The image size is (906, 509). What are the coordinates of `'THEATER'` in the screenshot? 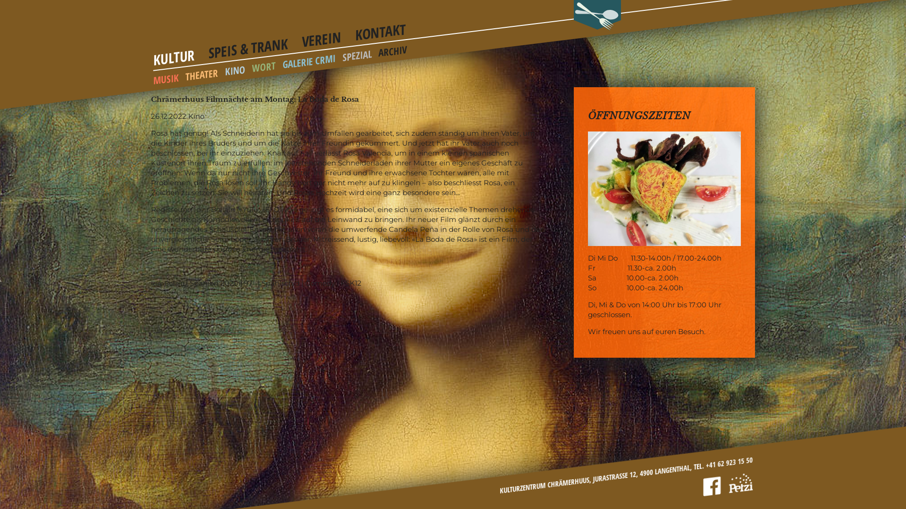 It's located at (201, 72).